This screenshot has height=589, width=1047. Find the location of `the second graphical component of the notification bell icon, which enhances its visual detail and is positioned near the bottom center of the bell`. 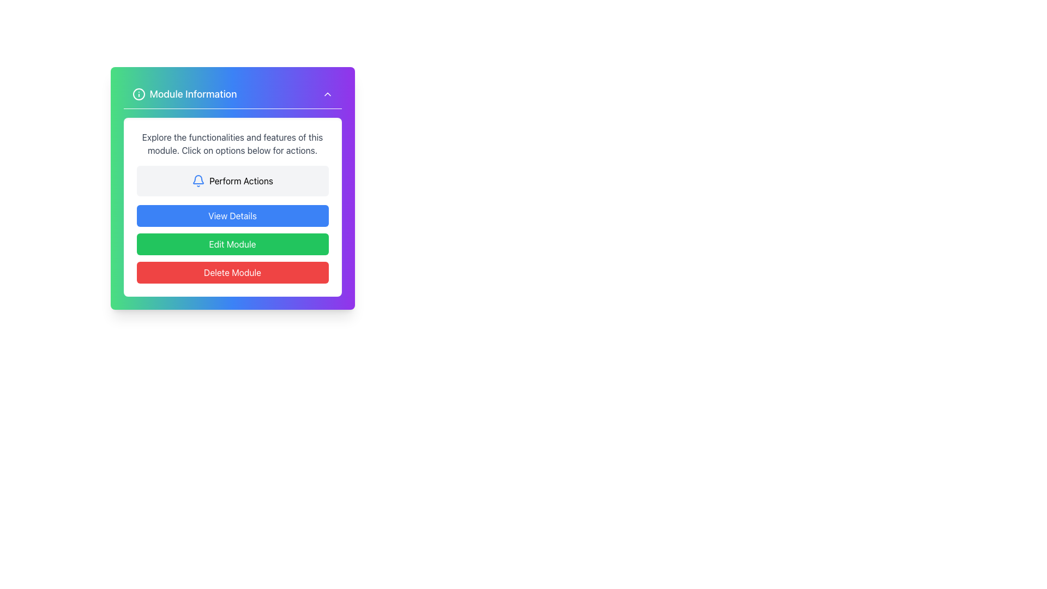

the second graphical component of the notification bell icon, which enhances its visual detail and is positioned near the bottom center of the bell is located at coordinates (198, 179).